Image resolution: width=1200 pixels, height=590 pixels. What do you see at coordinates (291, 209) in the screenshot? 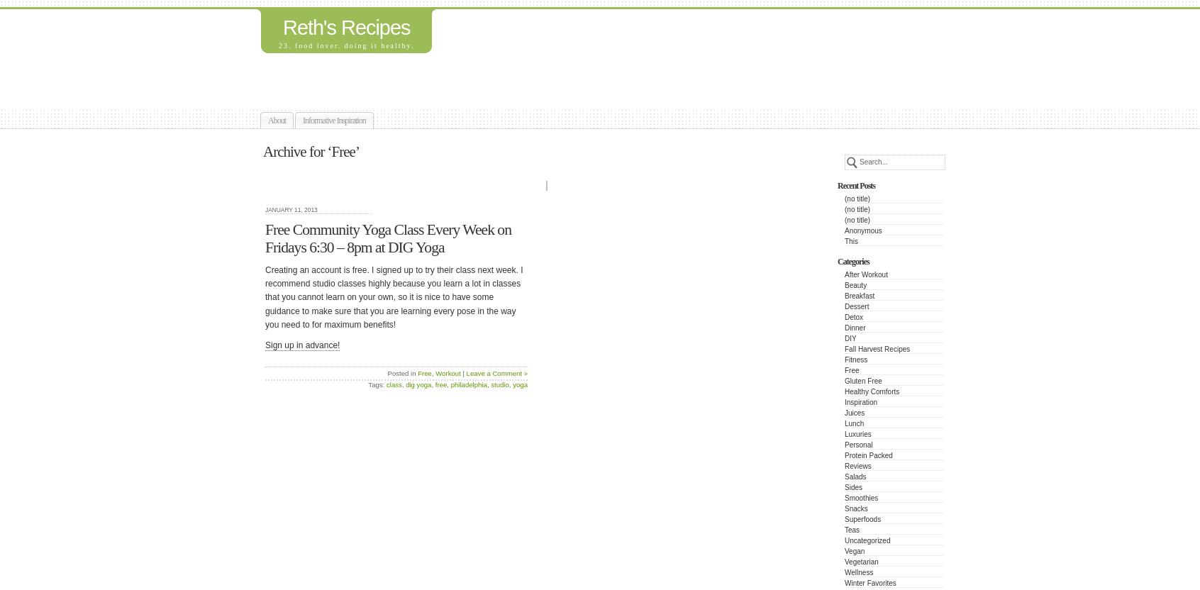
I see `'January 11, 2013'` at bounding box center [291, 209].